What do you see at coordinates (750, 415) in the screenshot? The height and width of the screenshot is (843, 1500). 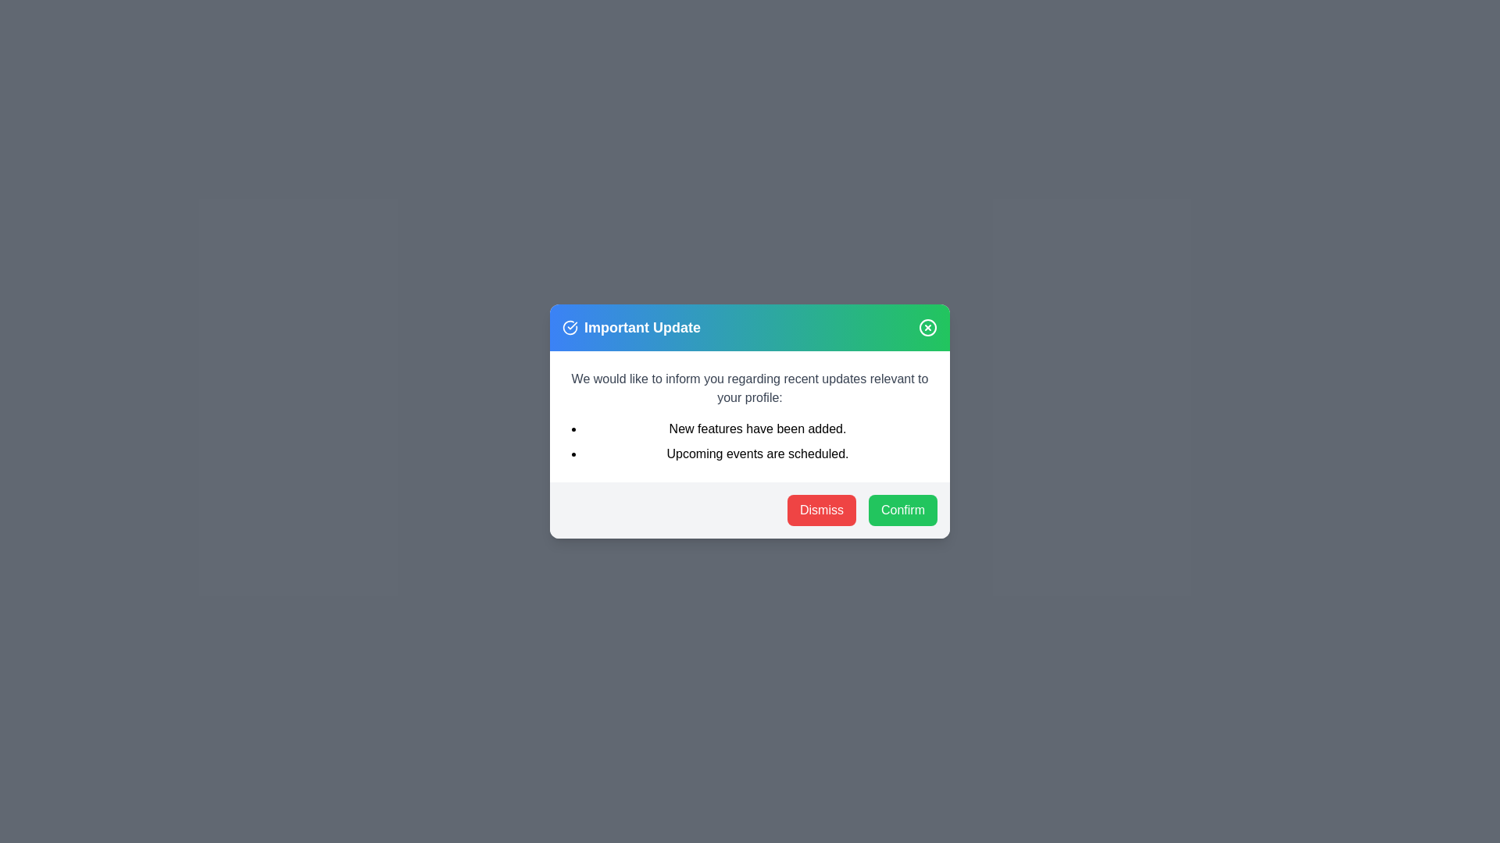 I see `the text area to read the update` at bounding box center [750, 415].